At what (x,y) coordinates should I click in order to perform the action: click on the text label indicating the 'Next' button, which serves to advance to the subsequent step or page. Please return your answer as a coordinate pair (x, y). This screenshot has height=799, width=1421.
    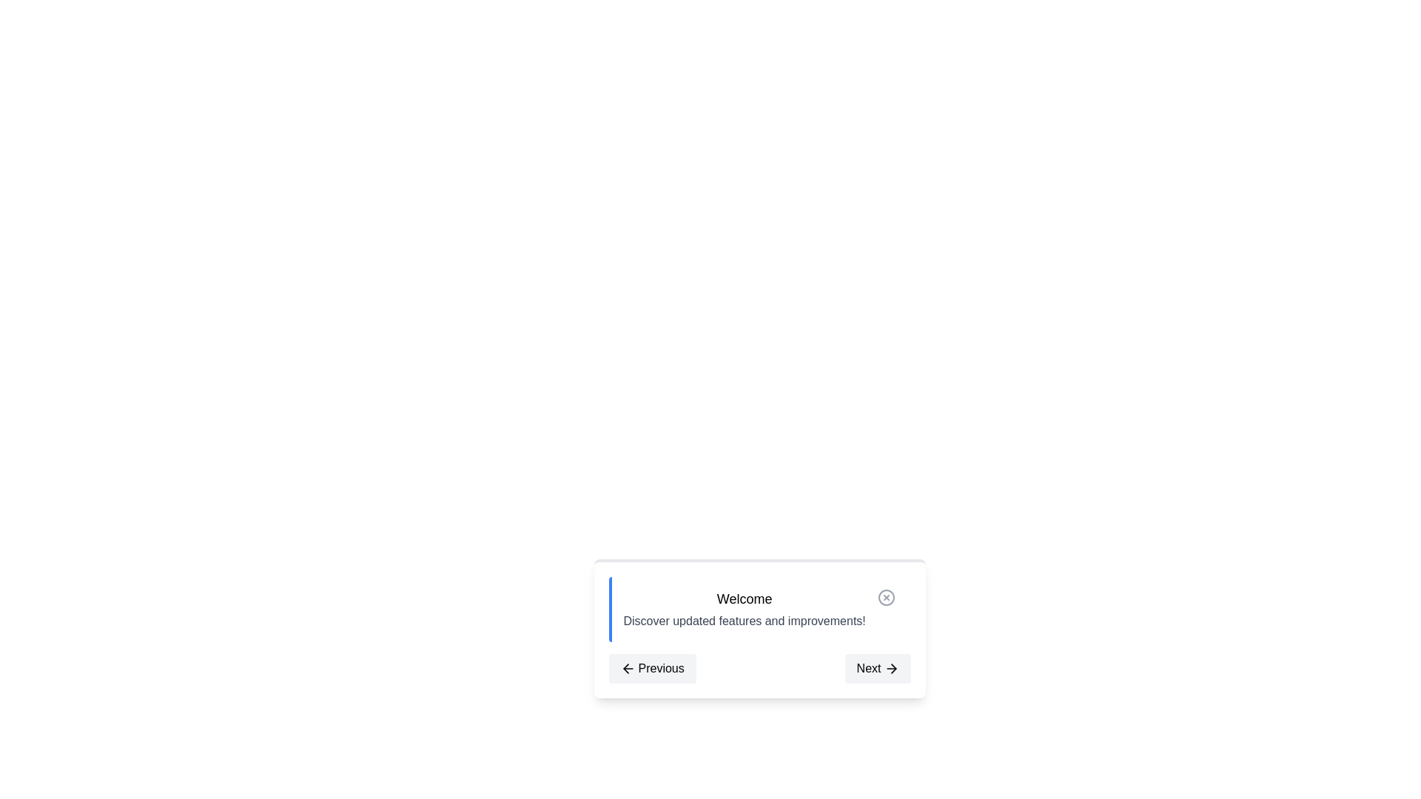
    Looking at the image, I should click on (869, 668).